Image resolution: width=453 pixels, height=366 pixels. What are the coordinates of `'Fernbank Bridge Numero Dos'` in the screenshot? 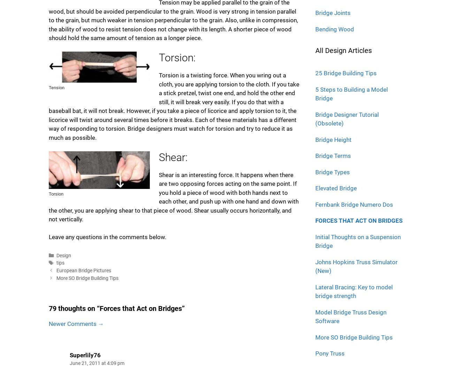 It's located at (354, 204).